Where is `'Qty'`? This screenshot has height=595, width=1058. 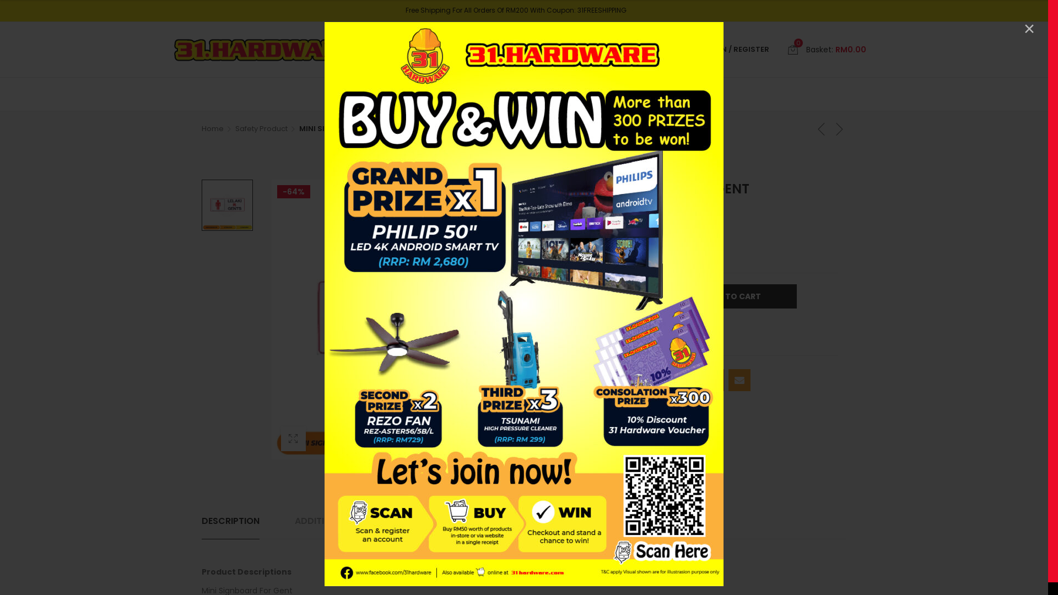
'Qty' is located at coordinates (622, 295).